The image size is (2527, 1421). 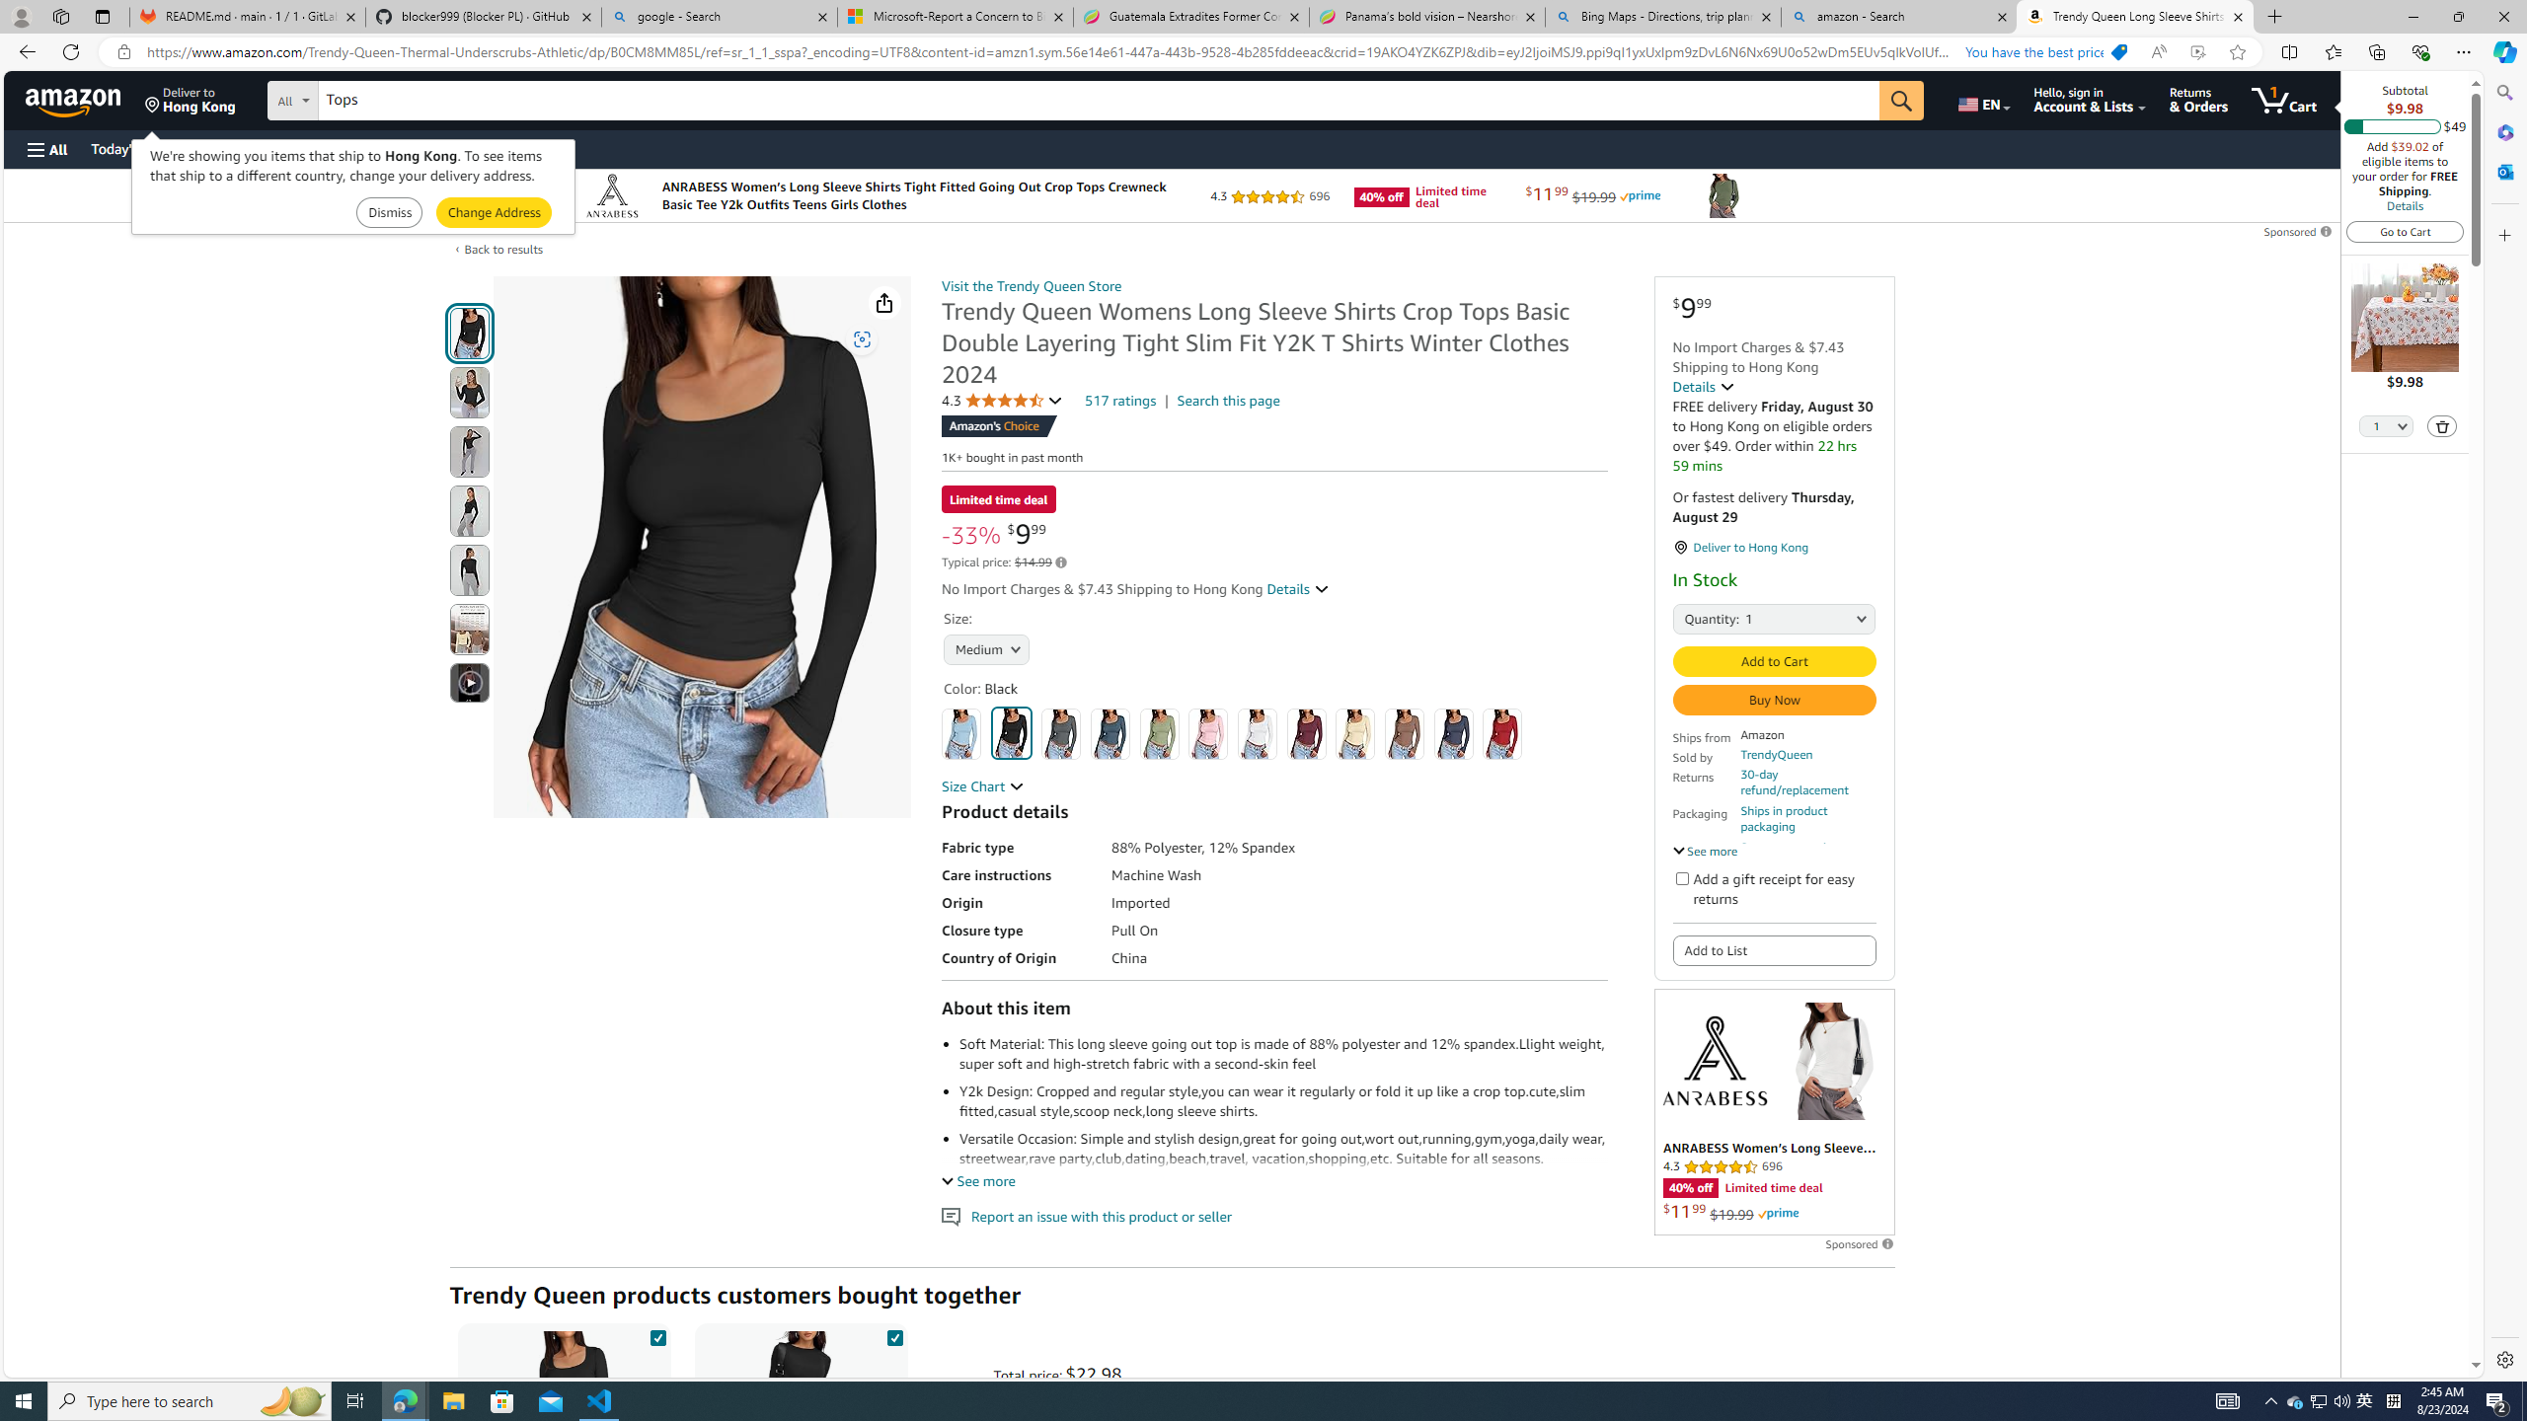 What do you see at coordinates (1774, 949) in the screenshot?
I see `'Add to List'` at bounding box center [1774, 949].